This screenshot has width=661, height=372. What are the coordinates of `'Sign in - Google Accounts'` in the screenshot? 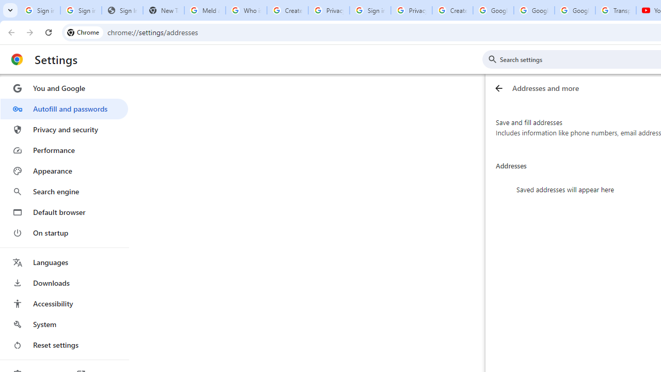 It's located at (370, 10).